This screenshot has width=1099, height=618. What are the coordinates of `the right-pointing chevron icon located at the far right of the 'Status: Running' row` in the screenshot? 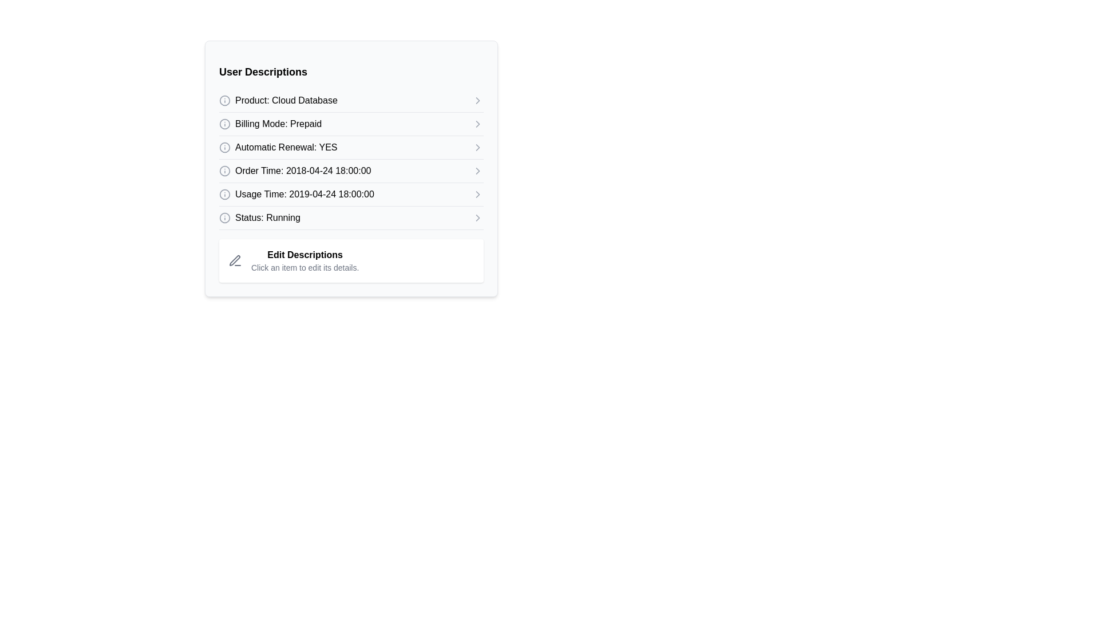 It's located at (478, 218).